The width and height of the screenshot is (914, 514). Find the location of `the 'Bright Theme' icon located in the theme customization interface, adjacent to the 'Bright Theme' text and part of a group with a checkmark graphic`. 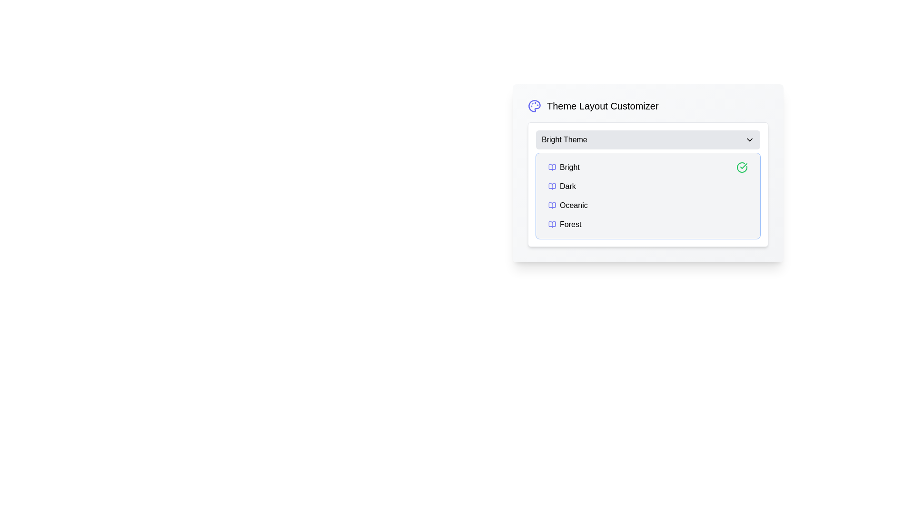

the 'Bright Theme' icon located in the theme customization interface, adjacent to the 'Bright Theme' text and part of a group with a checkmark graphic is located at coordinates (742, 167).